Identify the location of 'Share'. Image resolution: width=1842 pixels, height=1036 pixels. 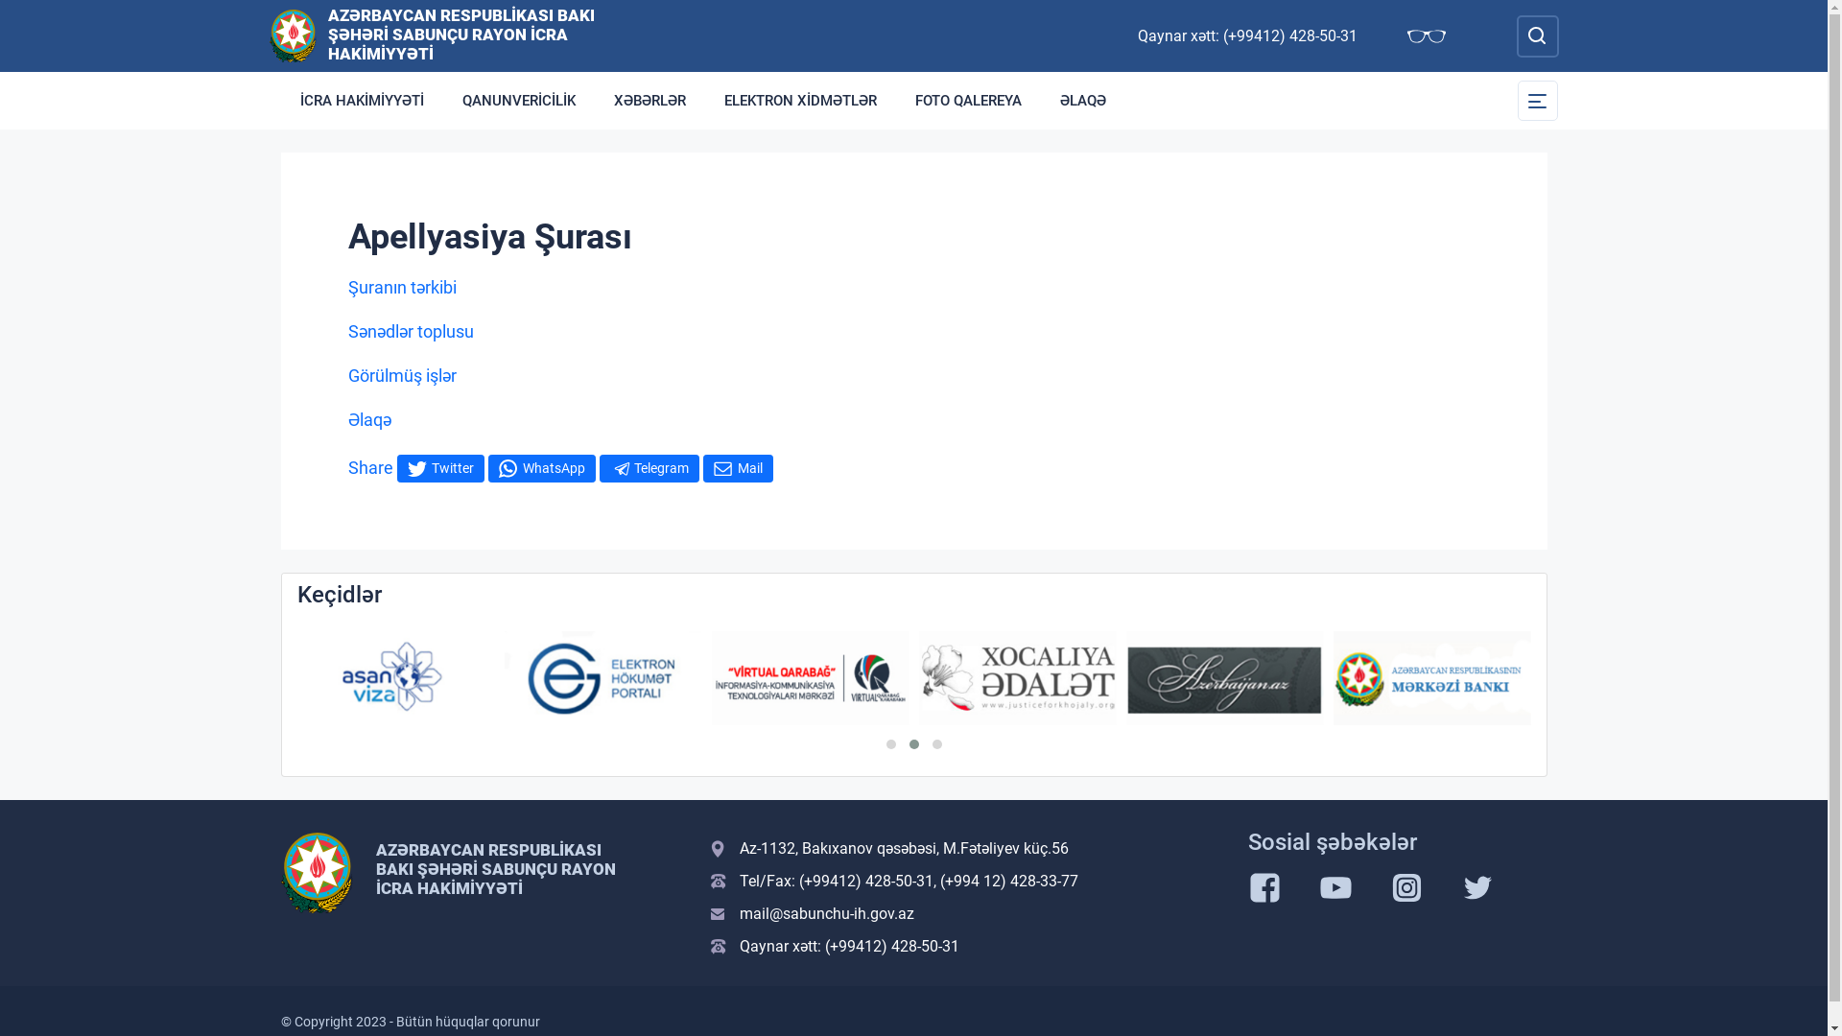
(369, 466).